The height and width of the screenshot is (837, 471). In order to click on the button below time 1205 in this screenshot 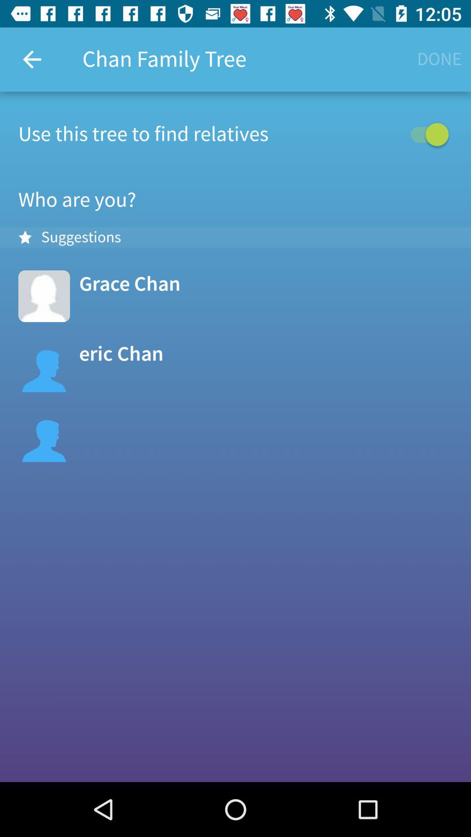, I will do `click(439, 59)`.